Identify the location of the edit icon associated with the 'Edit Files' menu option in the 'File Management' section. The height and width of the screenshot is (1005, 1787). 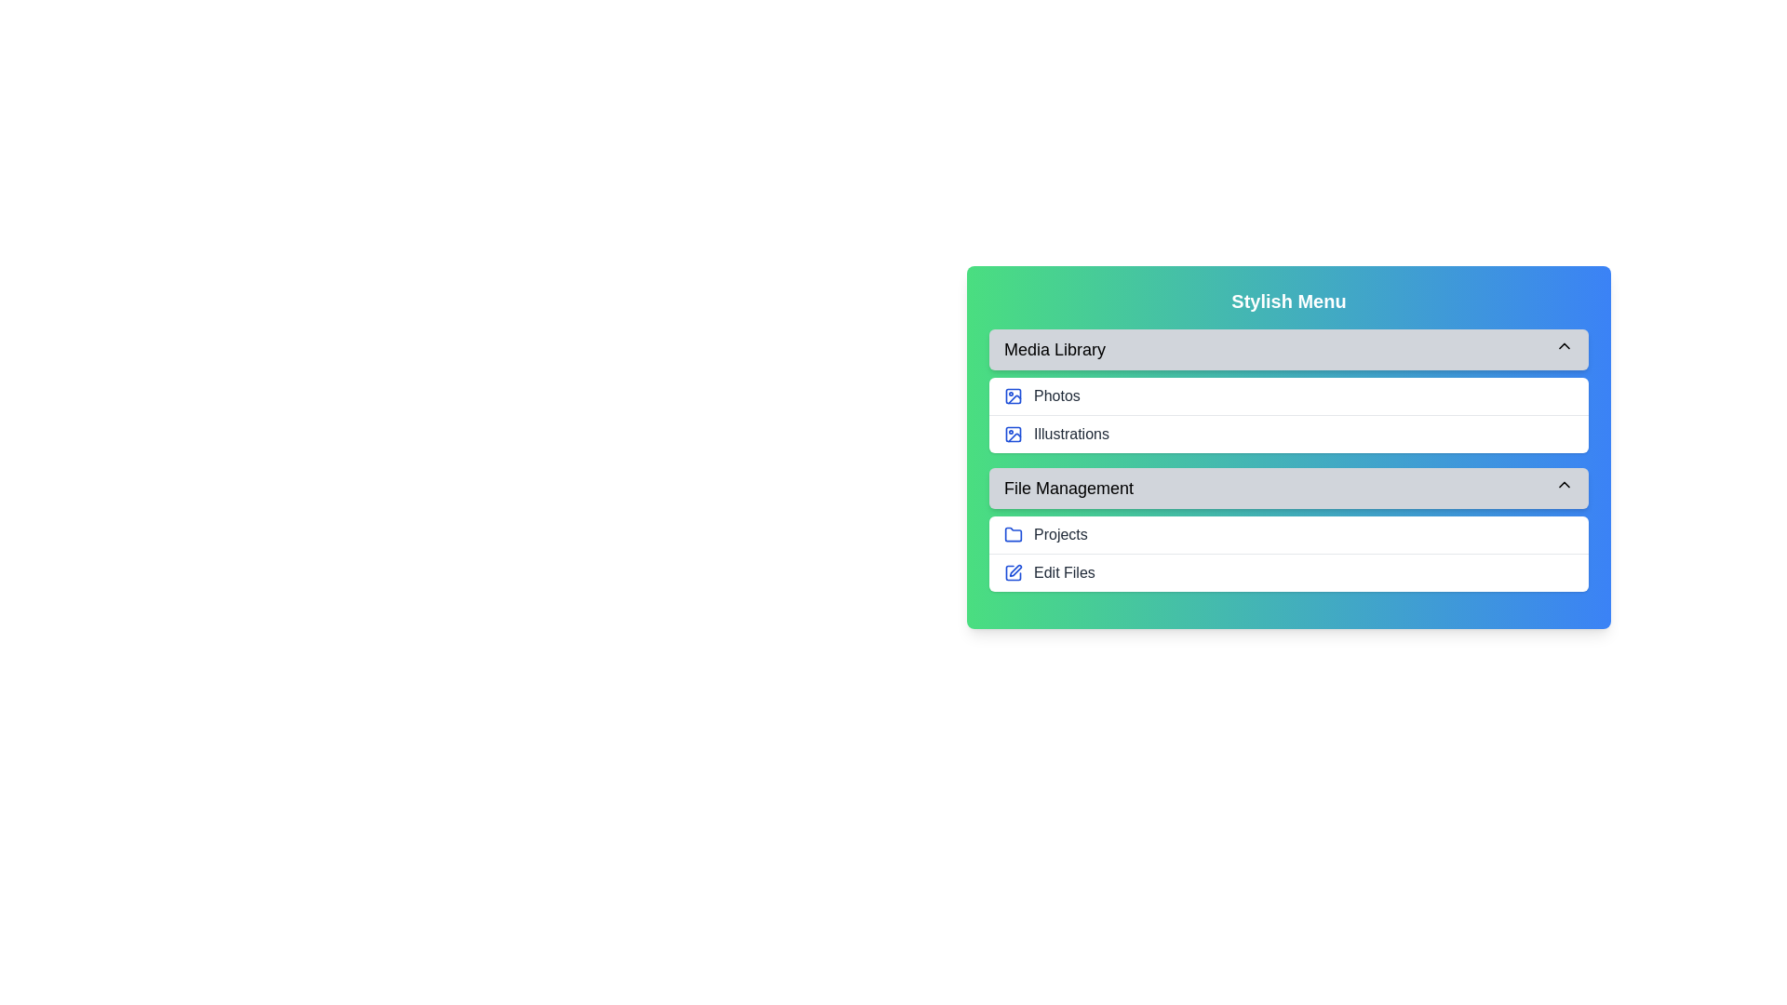
(1013, 572).